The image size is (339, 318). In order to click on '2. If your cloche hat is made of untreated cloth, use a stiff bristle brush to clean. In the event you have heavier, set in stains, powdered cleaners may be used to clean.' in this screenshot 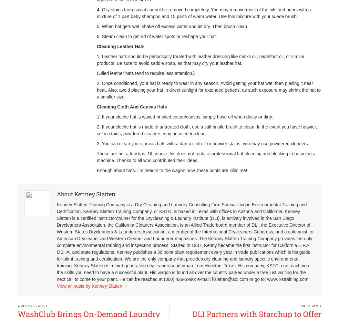, I will do `click(207, 130)`.